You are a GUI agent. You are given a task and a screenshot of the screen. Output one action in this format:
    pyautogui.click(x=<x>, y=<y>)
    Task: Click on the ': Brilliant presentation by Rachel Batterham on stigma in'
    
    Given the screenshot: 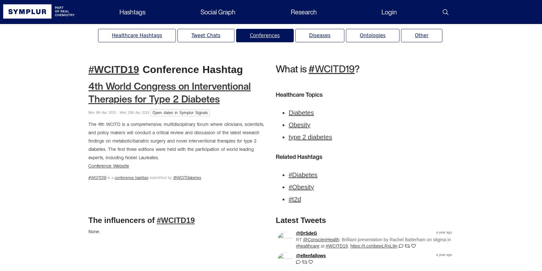 What is the action you would take?
    pyautogui.click(x=339, y=239)
    